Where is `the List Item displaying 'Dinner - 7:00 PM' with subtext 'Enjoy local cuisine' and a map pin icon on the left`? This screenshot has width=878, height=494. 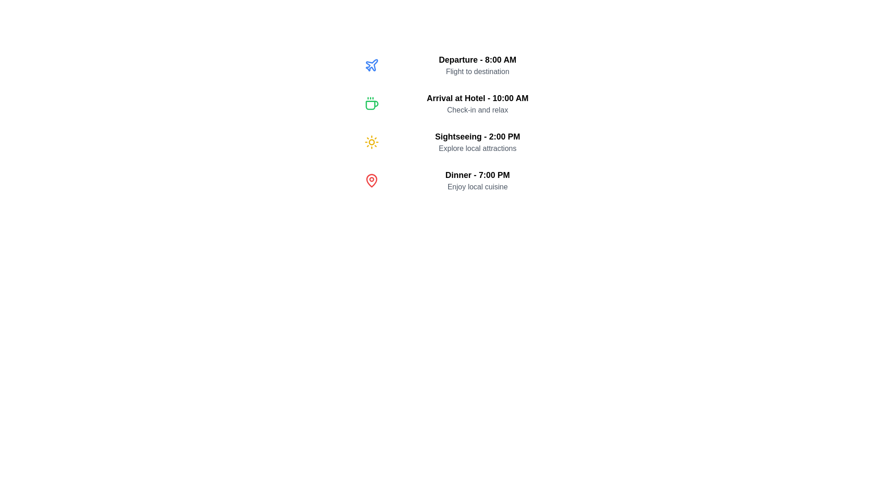
the List Item displaying 'Dinner - 7:00 PM' with subtext 'Enjoy local cuisine' and a map pin icon on the left is located at coordinates (466, 180).